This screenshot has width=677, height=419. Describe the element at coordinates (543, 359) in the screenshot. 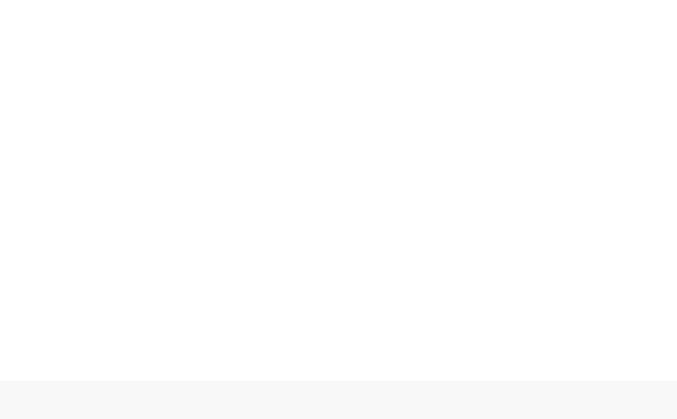

I see `'1789'` at that location.